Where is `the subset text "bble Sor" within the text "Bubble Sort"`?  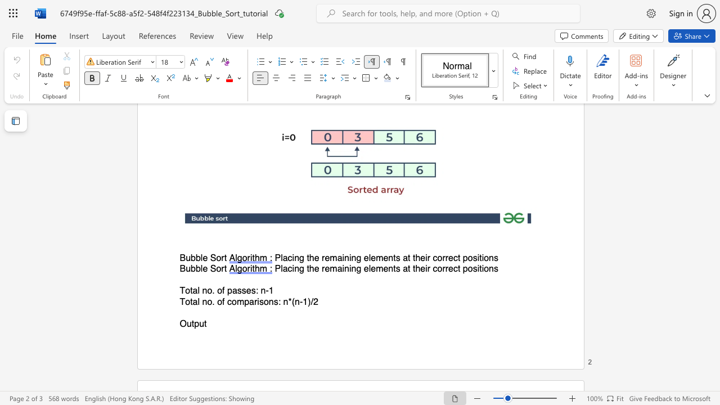 the subset text "bble Sor" within the text "Bubble Sort" is located at coordinates (191, 269).